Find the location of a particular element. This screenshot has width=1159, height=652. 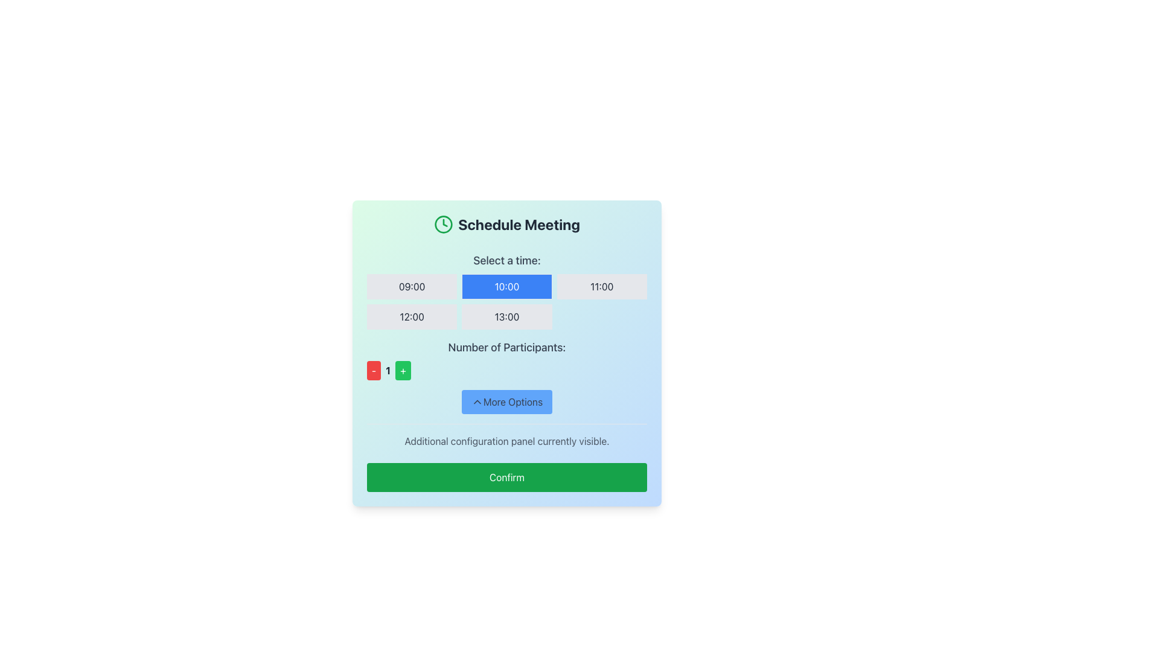

the scheduling icon located to the left of the 'Schedule Meeting' title in the title block is located at coordinates (443, 224).